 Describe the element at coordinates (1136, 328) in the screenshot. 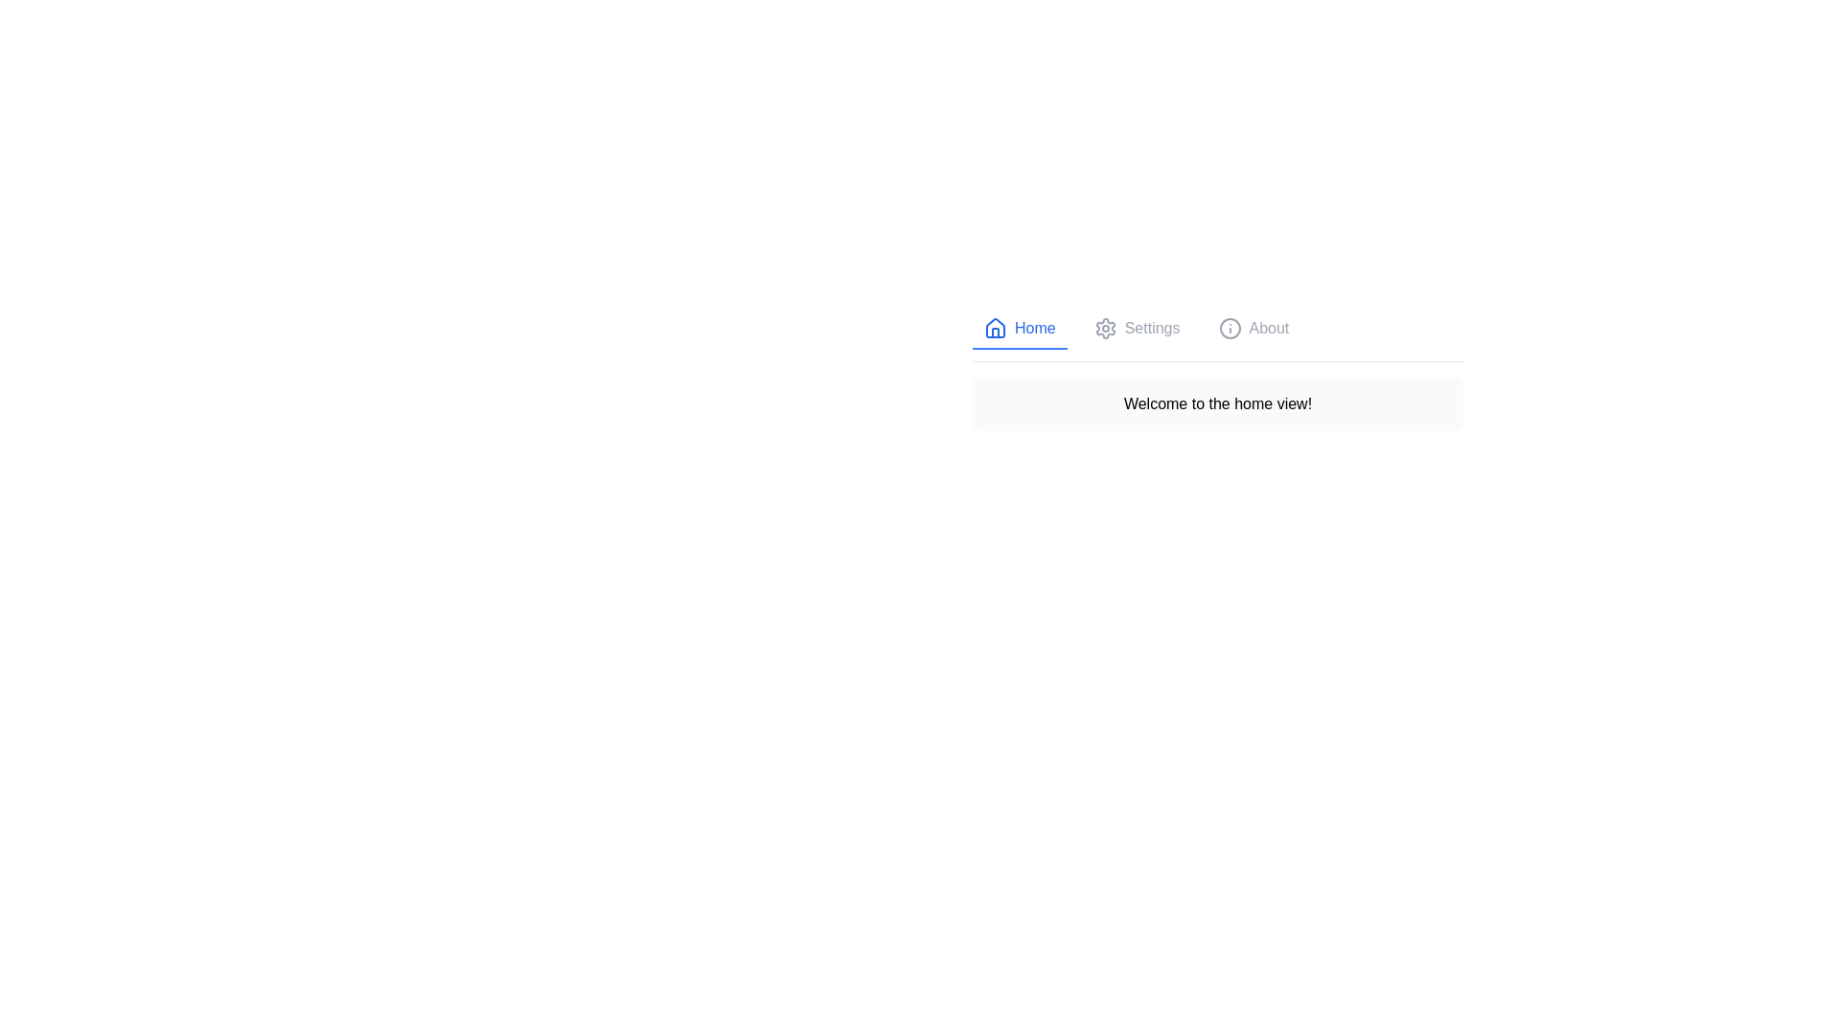

I see `the Settings tab by clicking on it` at that location.